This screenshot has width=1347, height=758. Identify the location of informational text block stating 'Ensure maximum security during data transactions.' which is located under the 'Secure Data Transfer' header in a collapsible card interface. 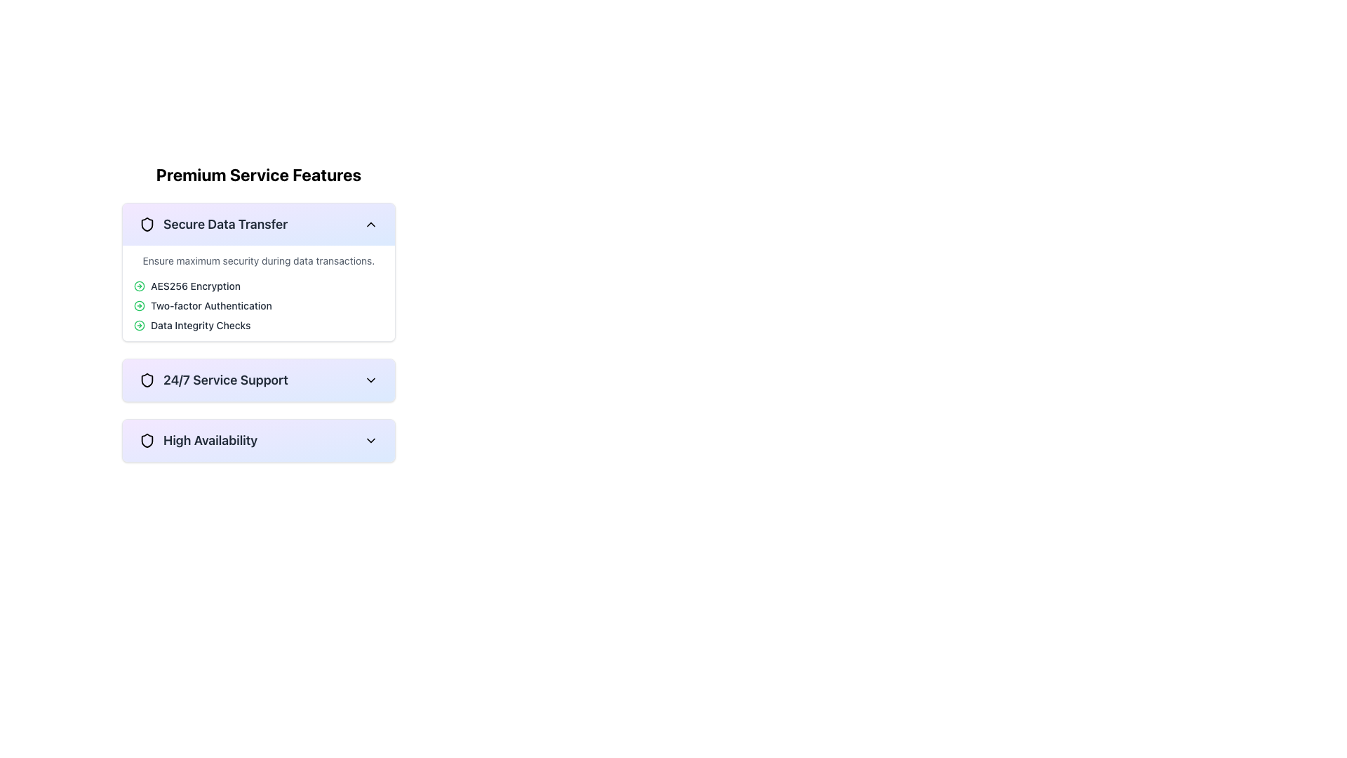
(259, 260).